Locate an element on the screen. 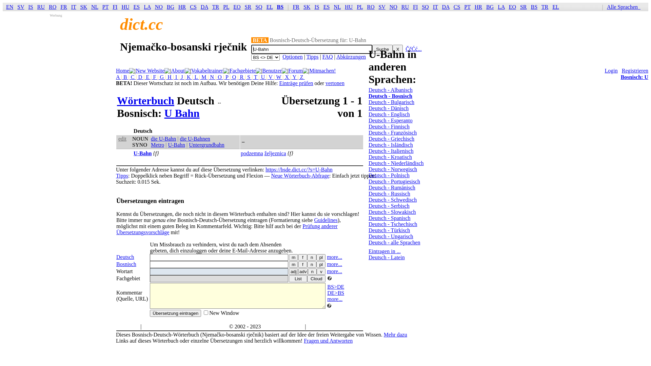 This screenshot has height=366, width=651. 'https://bsde.dict.cc/?s=U-Bahn' is located at coordinates (298, 169).